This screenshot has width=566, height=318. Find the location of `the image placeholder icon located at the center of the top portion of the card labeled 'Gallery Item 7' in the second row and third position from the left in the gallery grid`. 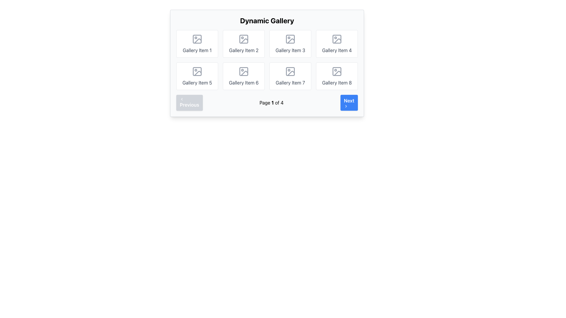

the image placeholder icon located at the center of the top portion of the card labeled 'Gallery Item 7' in the second row and third position from the left in the gallery grid is located at coordinates (290, 71).